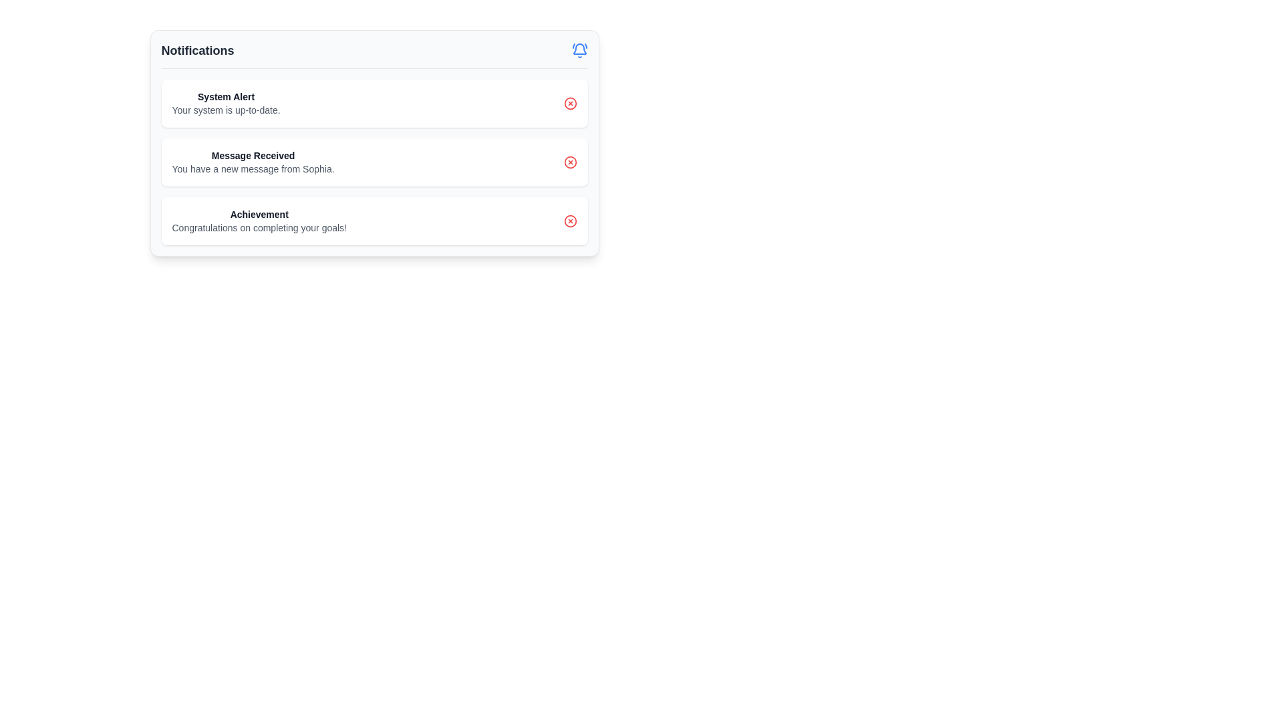 The width and height of the screenshot is (1283, 722). I want to click on the text label displaying 'Congratulations on completing your goals!' which is located below the title 'Achievement' in the notification list, so click(259, 227).